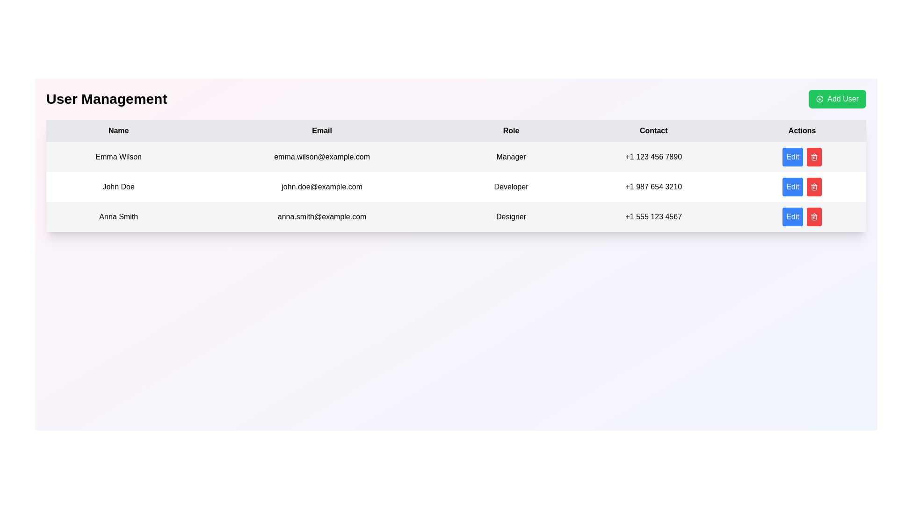 This screenshot has height=505, width=898. What do you see at coordinates (653, 187) in the screenshot?
I see `the phone number display for user 'John Doe', which is formatted as '+1 987 654 3210' and located in the 'Contact' column of the user management table` at bounding box center [653, 187].